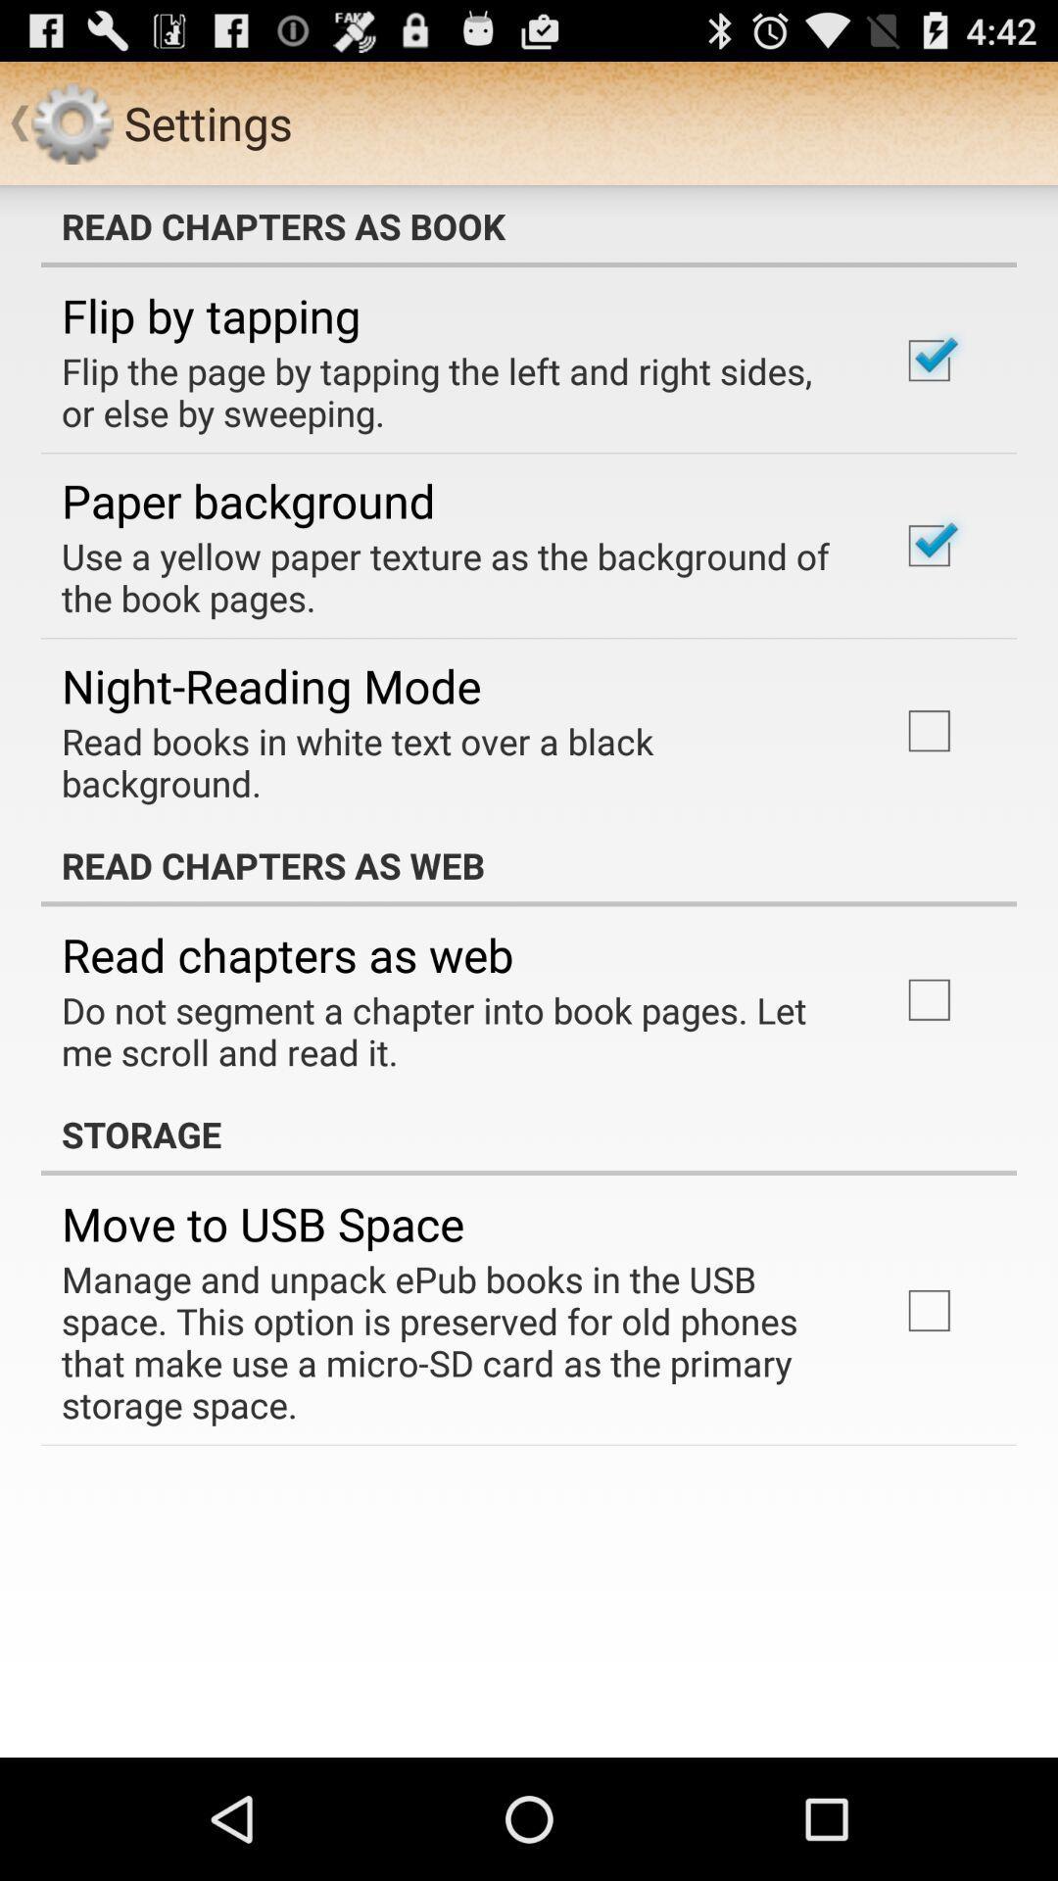 This screenshot has height=1881, width=1058. I want to click on the icon below read chapters as icon, so click(454, 1030).